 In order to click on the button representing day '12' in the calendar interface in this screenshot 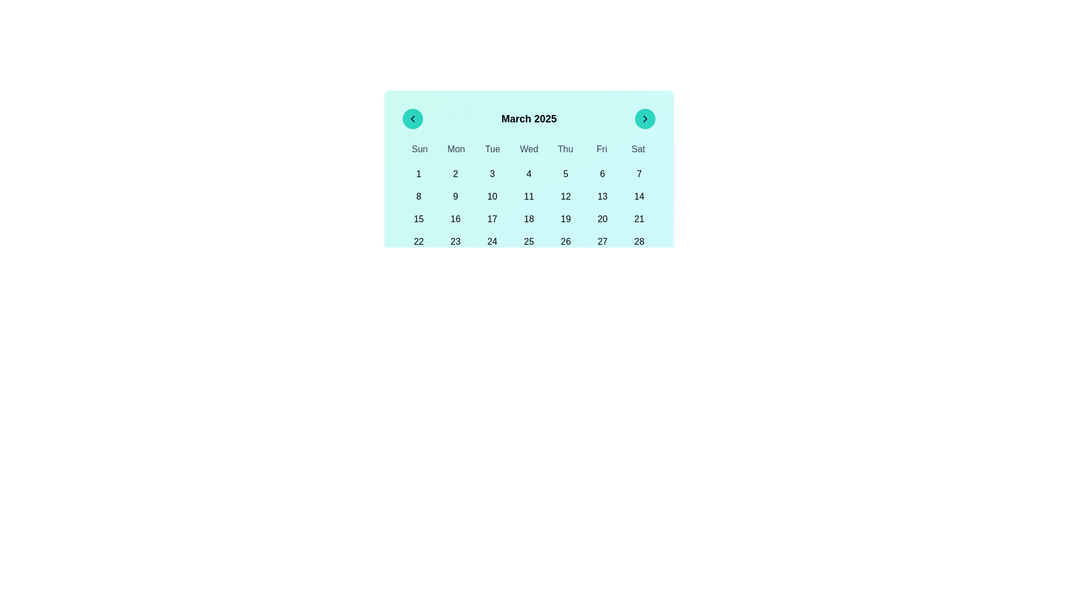, I will do `click(566, 196)`.